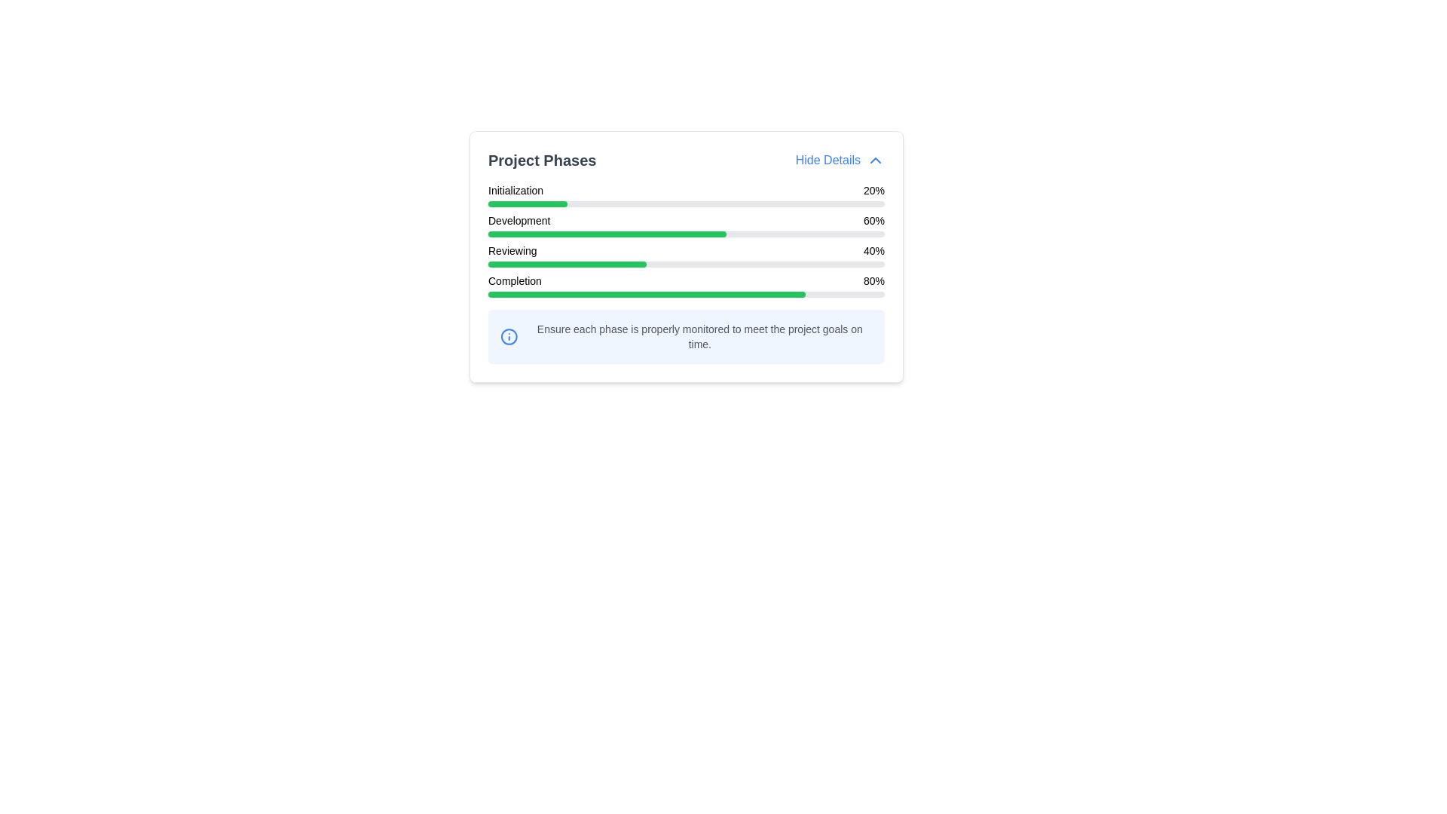 This screenshot has height=814, width=1447. I want to click on the Progress bar which displays the completion progress at 80%, positioned as the last of four progress bars under the 'Reviewing' progress bar, so click(686, 285).